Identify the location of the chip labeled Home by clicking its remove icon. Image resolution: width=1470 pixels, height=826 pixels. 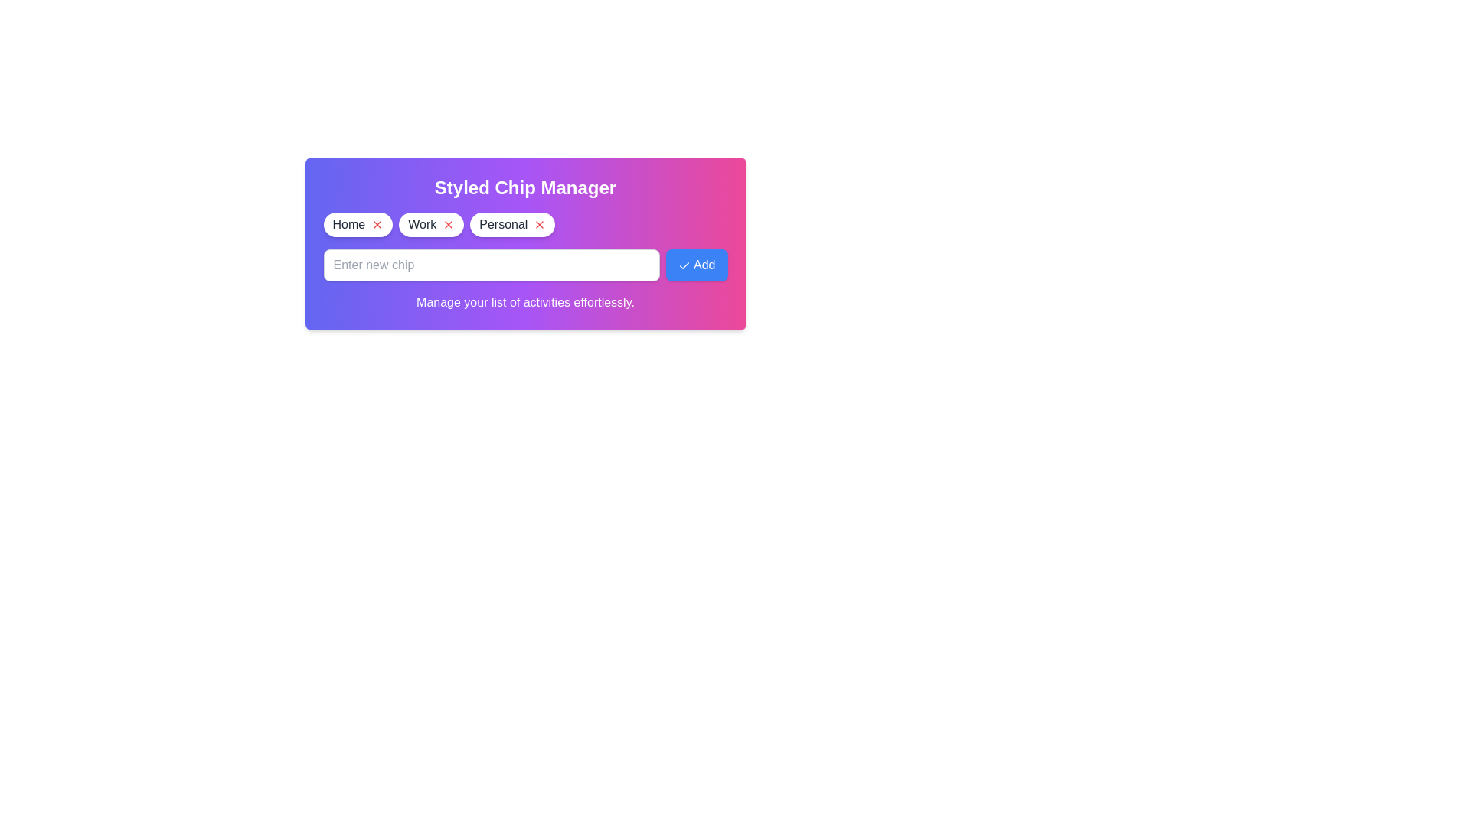
(377, 224).